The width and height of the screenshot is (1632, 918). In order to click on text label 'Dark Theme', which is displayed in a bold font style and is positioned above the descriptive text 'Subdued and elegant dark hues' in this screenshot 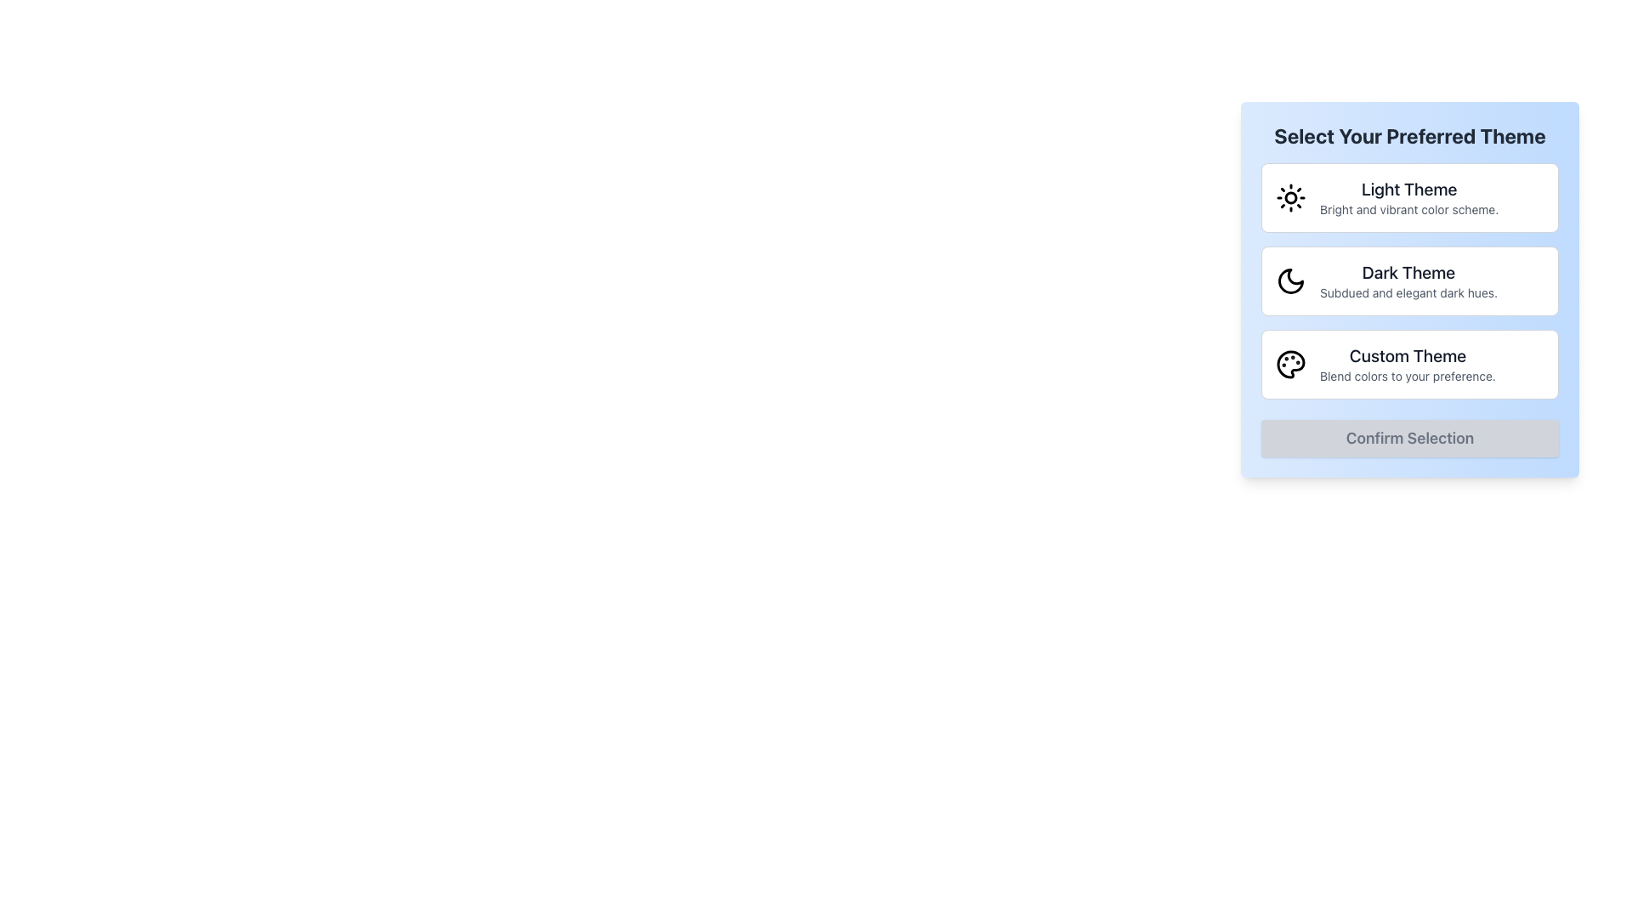, I will do `click(1408, 271)`.